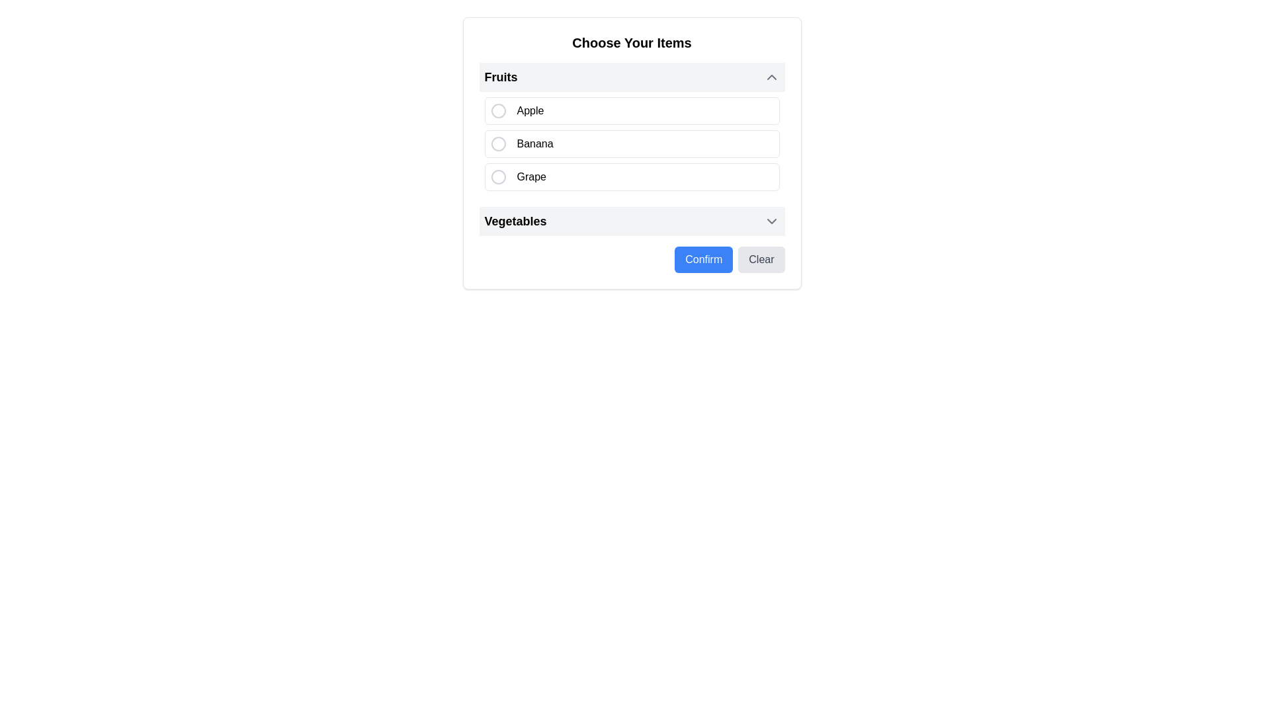 This screenshot has width=1270, height=714. What do you see at coordinates (703, 260) in the screenshot?
I see `the confirmation button located at the bottom-right section of the UI panel, which is positioned to the left of the 'Clear' button, to finalize the selection or action` at bounding box center [703, 260].